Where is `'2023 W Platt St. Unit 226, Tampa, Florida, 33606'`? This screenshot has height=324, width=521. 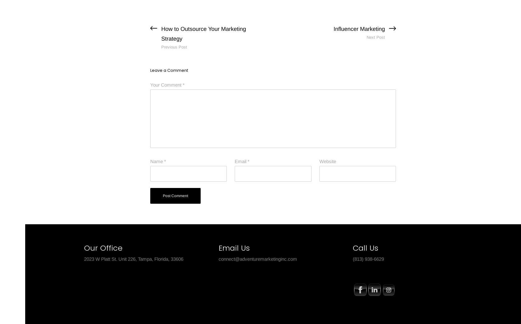
'2023 W Platt St. Unit 226, Tampa, Florida, 33606' is located at coordinates (134, 258).